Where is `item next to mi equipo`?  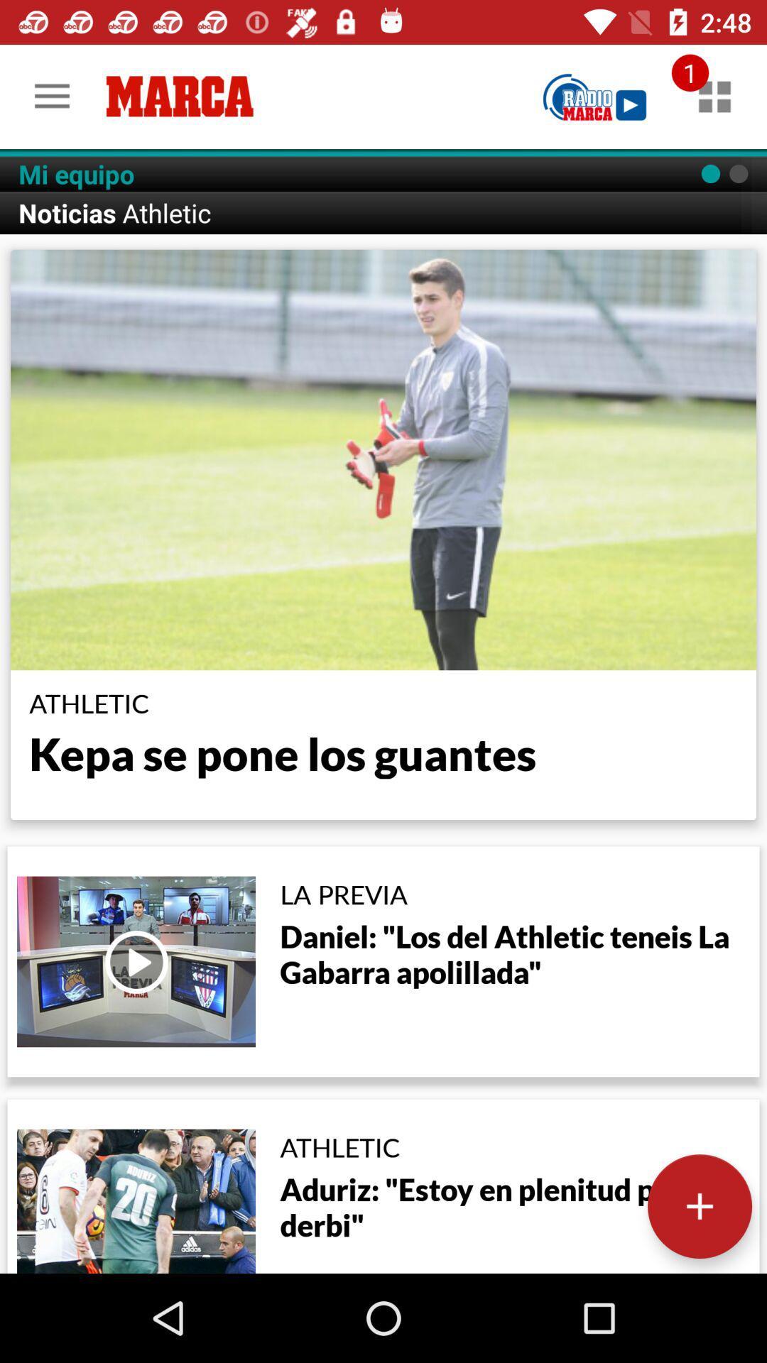 item next to mi equipo is located at coordinates (594, 96).